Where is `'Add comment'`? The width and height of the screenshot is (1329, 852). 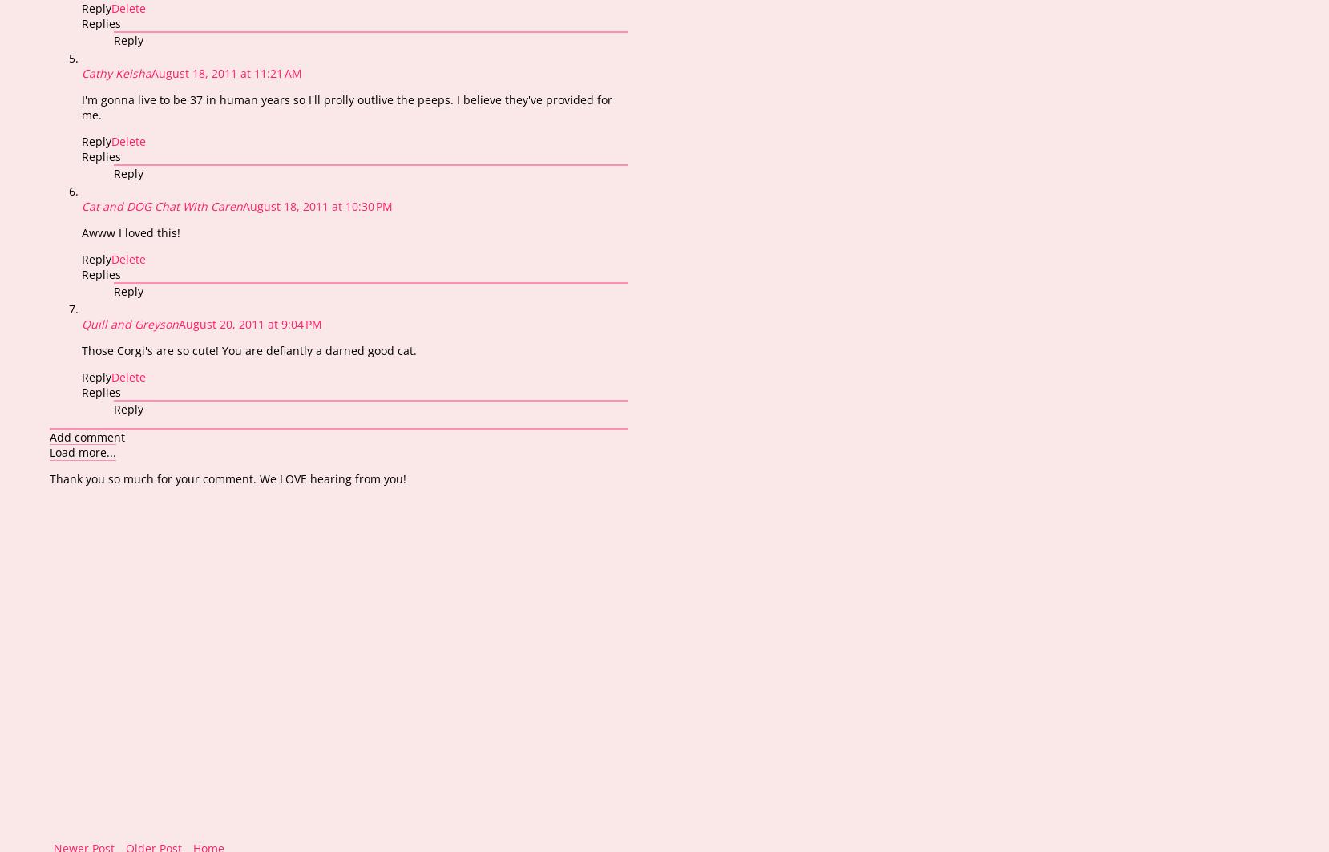
'Add comment' is located at coordinates (86, 435).